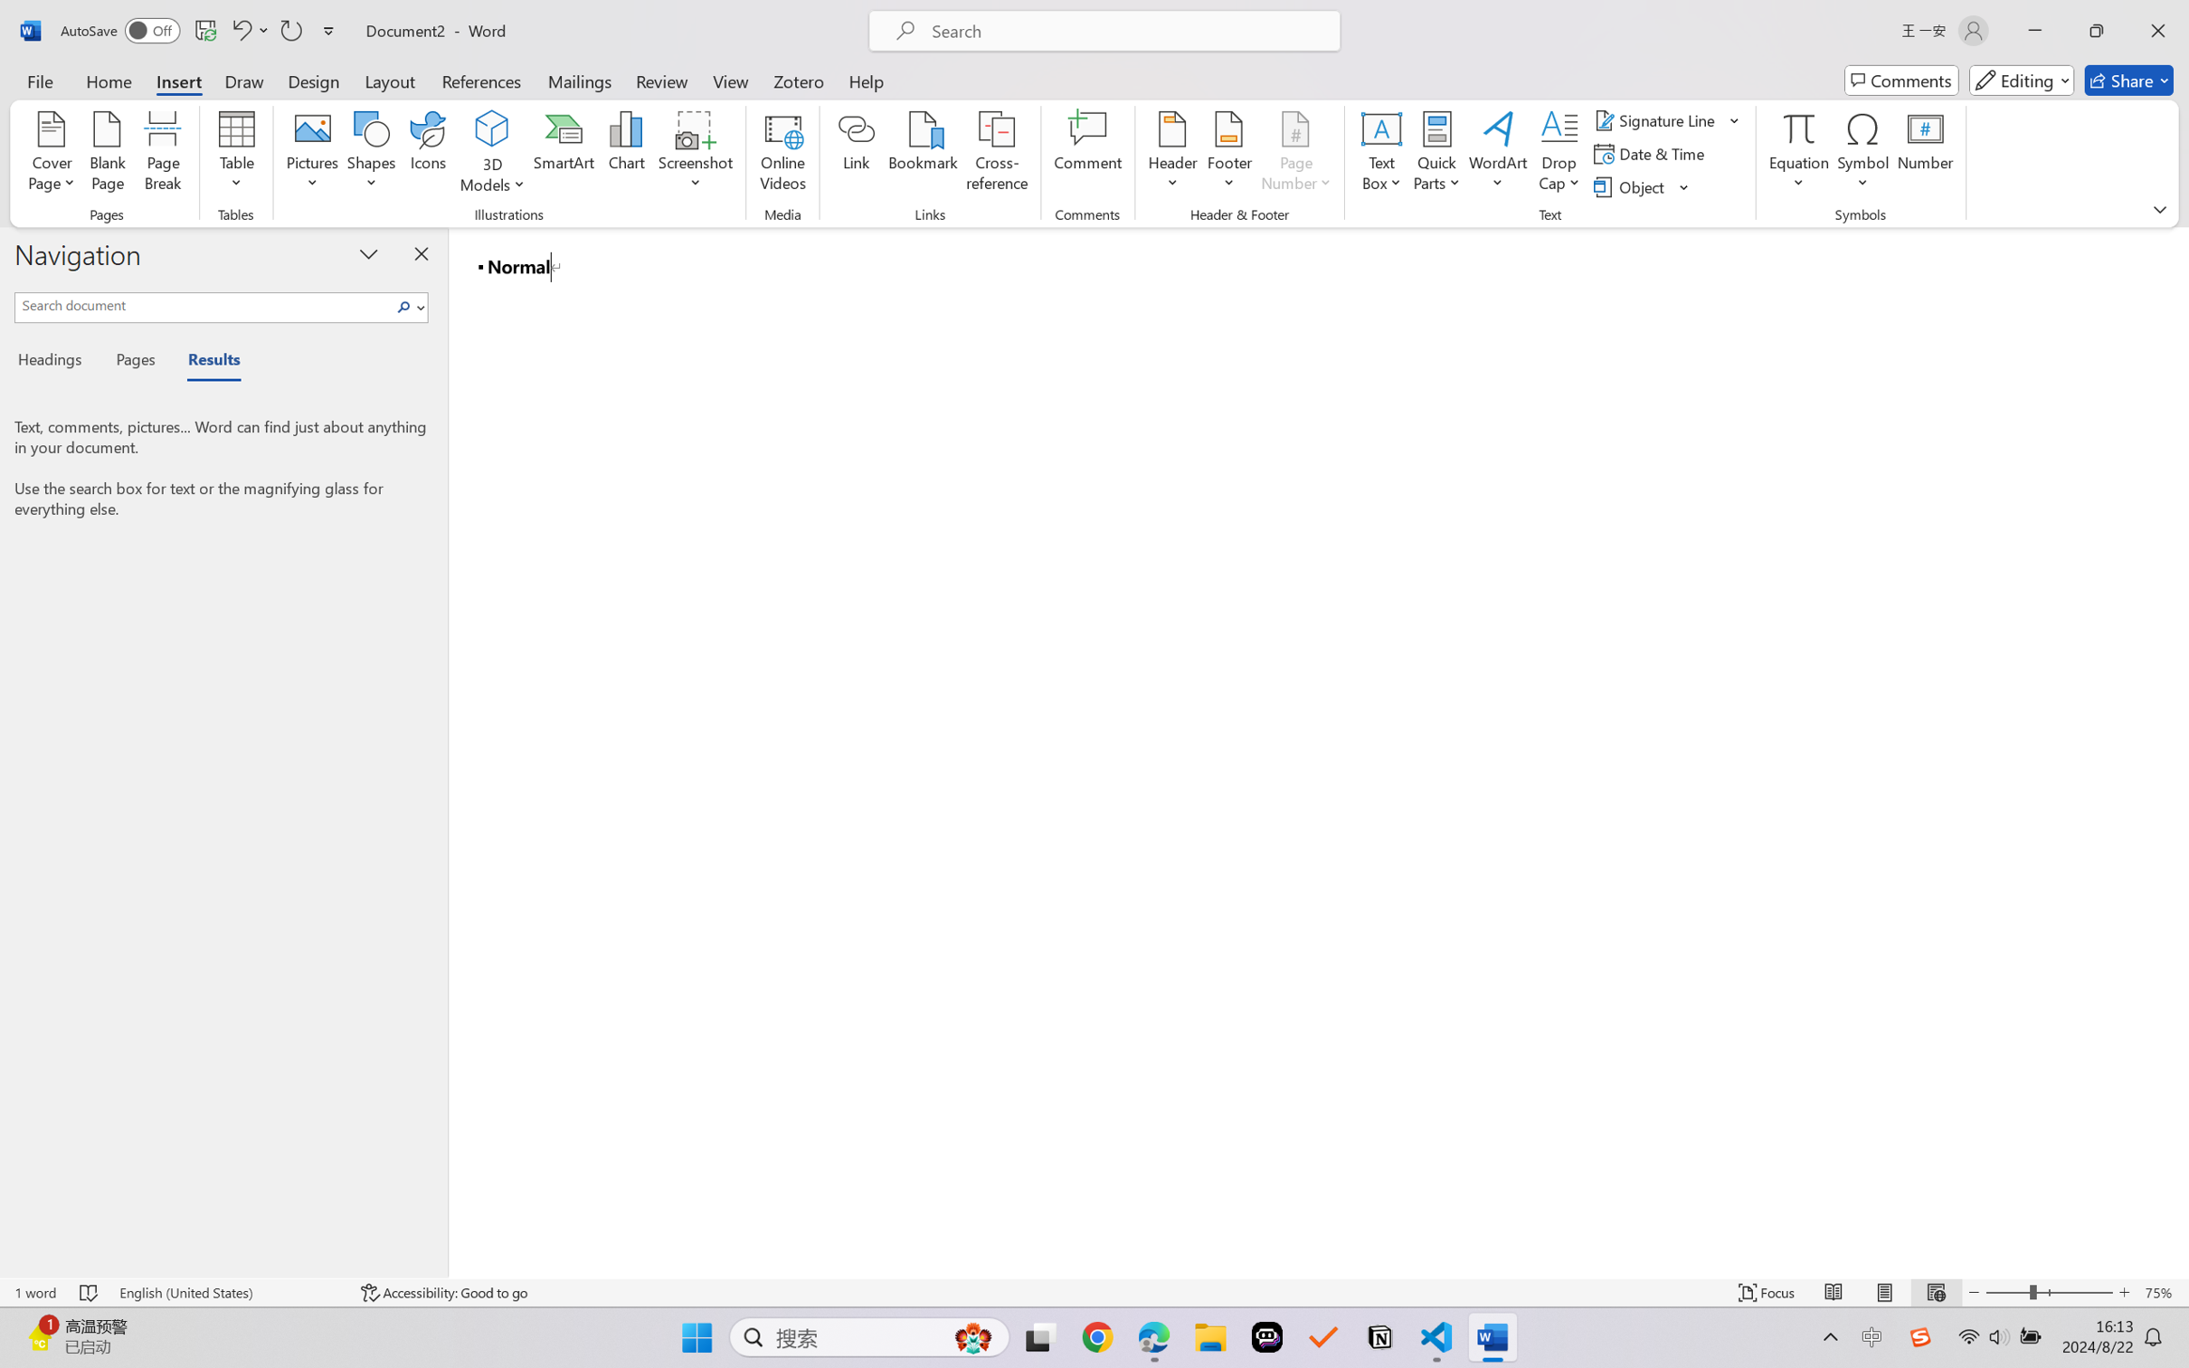  What do you see at coordinates (1381, 154) in the screenshot?
I see `'Text Box'` at bounding box center [1381, 154].